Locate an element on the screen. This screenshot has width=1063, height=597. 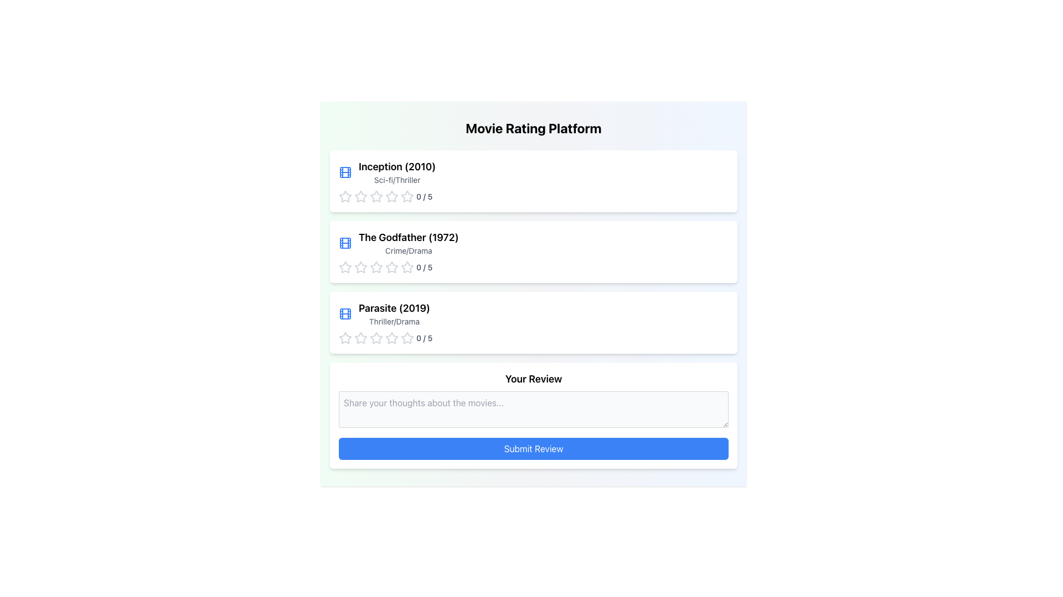
the first hollow star icon in the rating section for the movie 'The Godfather (1972)' to rate it is located at coordinates (345, 267).